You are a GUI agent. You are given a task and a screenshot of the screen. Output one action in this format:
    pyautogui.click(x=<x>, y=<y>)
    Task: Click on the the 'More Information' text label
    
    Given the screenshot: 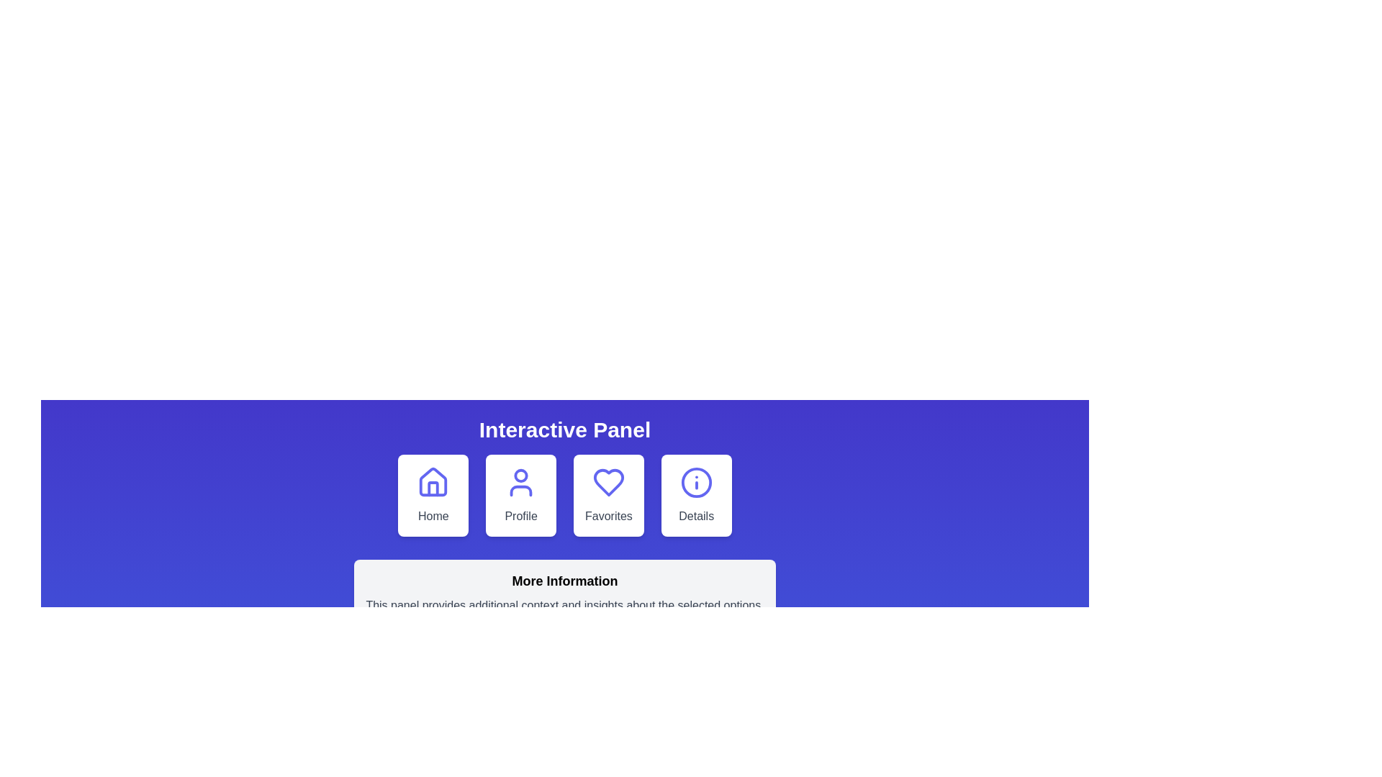 What is the action you would take?
    pyautogui.click(x=564, y=580)
    